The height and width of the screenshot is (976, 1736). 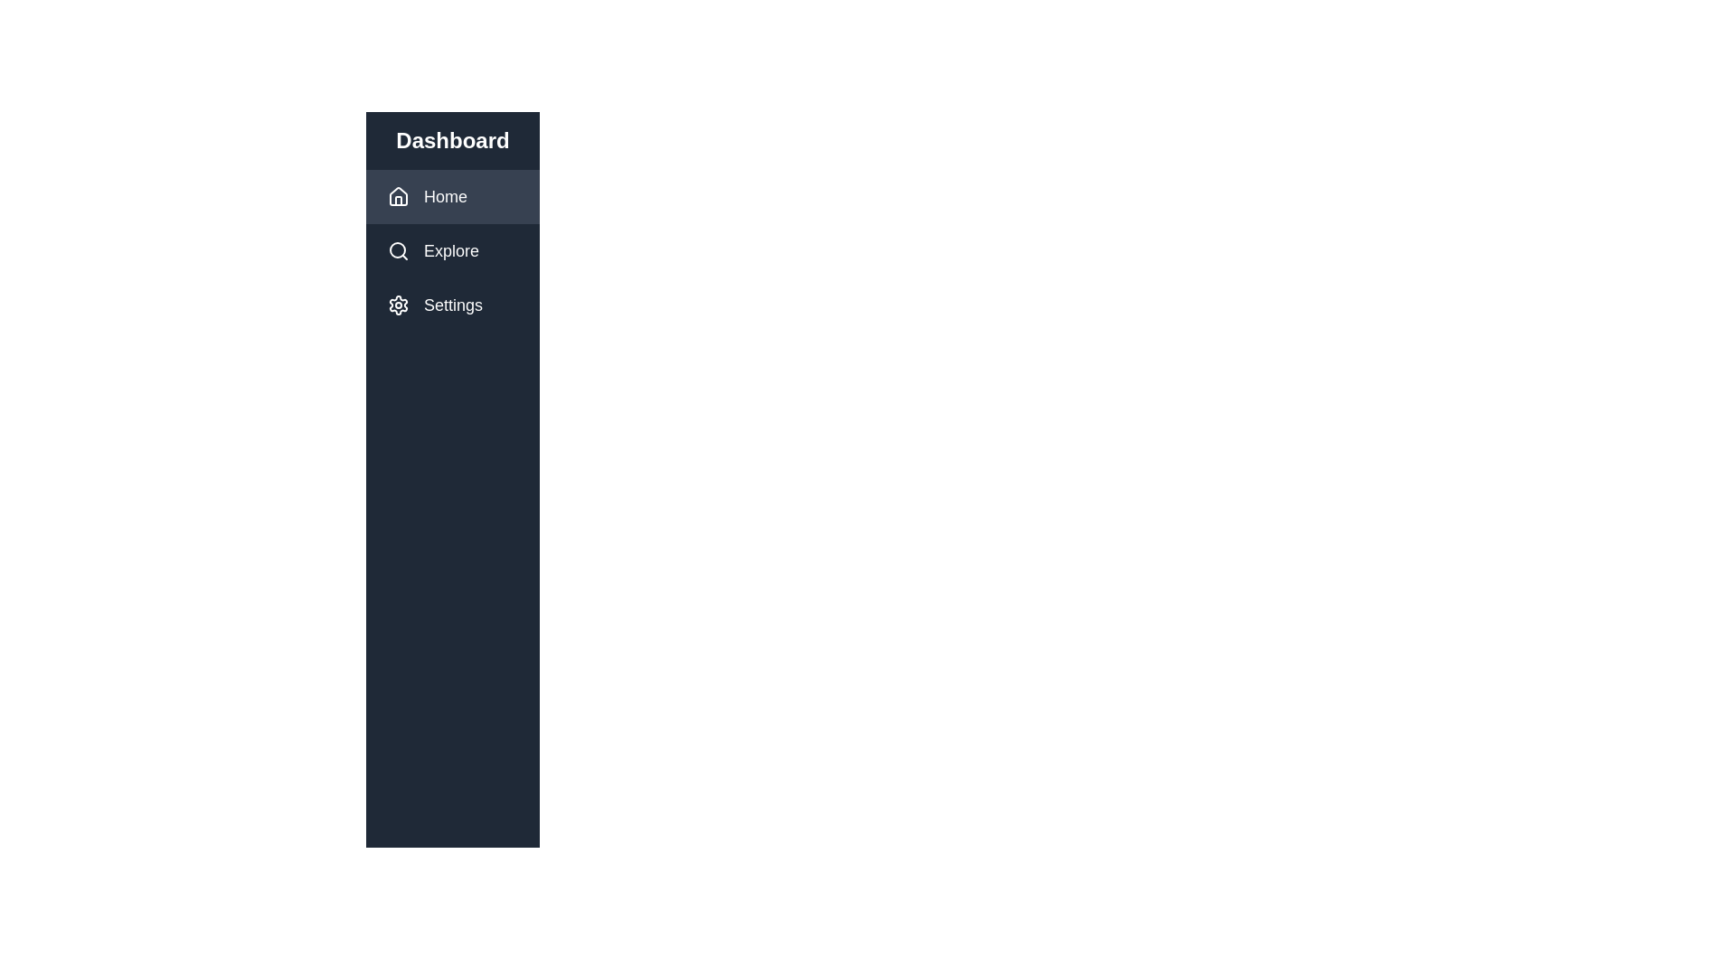 What do you see at coordinates (452, 139) in the screenshot?
I see `the Text Label located at the top of the vertical sidebar menu, which indicates the current section or context of the interface` at bounding box center [452, 139].